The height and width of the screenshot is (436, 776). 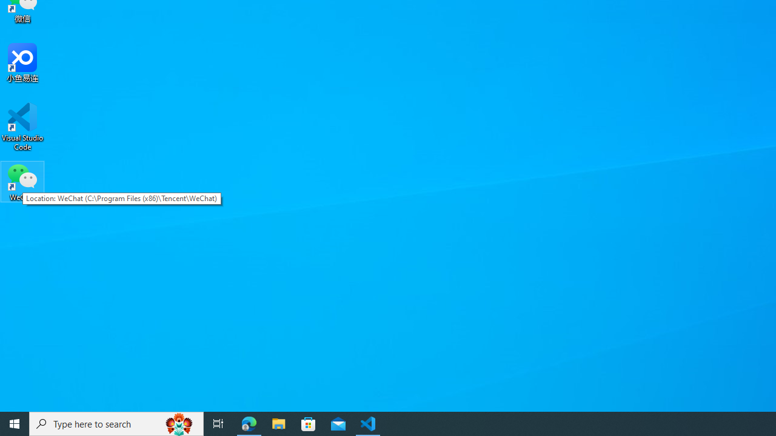 I want to click on 'WeChat', so click(x=22, y=181).